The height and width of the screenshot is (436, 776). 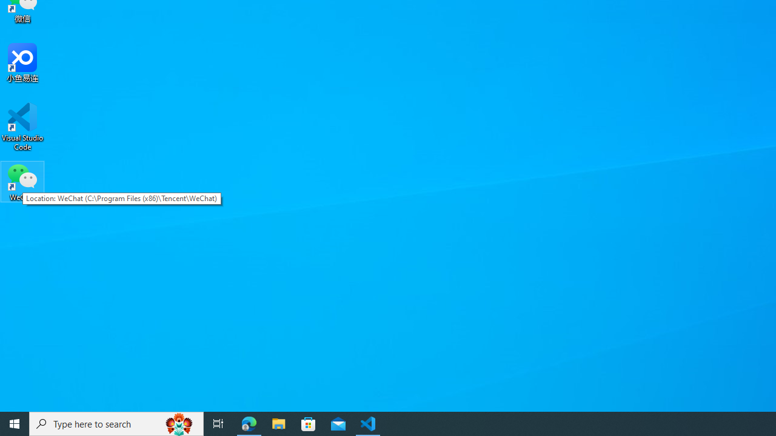 I want to click on 'WeChat', so click(x=22, y=181).